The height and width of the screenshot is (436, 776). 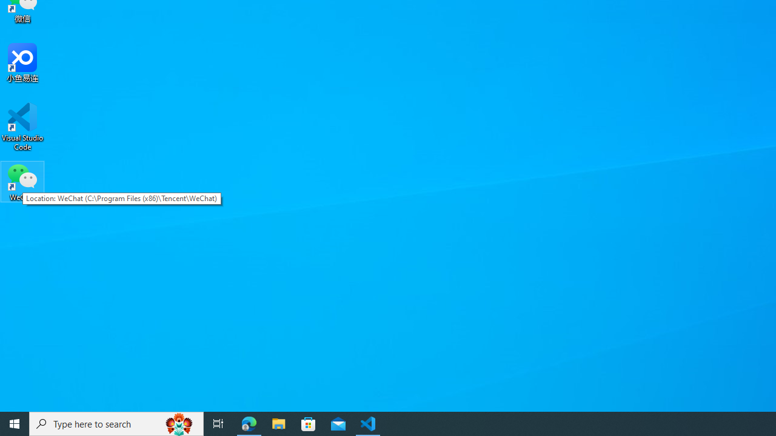 I want to click on 'WeChat', so click(x=22, y=181).